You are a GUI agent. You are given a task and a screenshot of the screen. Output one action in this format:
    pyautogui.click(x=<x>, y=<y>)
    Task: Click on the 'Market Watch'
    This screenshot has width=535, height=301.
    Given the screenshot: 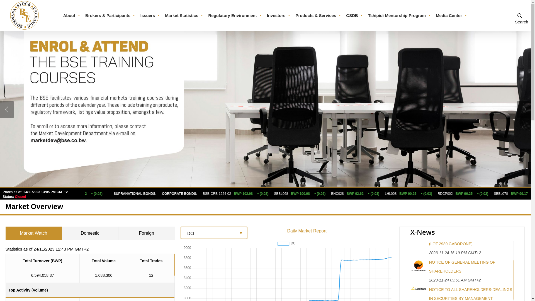 What is the action you would take?
    pyautogui.click(x=33, y=233)
    